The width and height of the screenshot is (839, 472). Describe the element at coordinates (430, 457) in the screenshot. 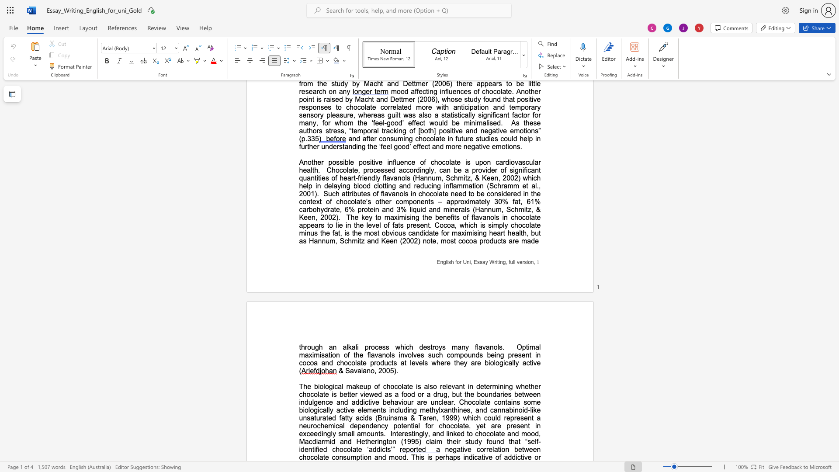

I see `the 3th character "s" in the text` at that location.